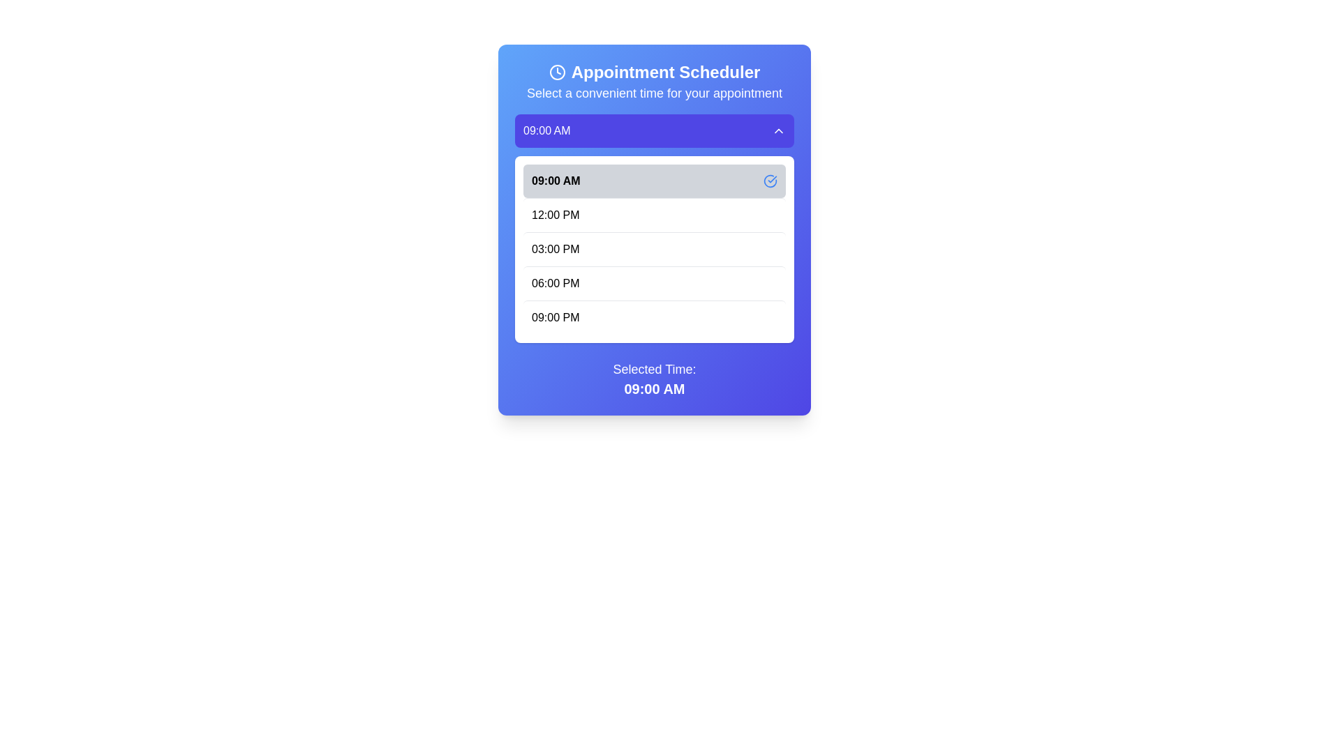 Image resolution: width=1340 pixels, height=753 pixels. Describe the element at coordinates (653, 215) in the screenshot. I see `the selectable time slot for '12:00 PM' in the scheduling interface` at that location.